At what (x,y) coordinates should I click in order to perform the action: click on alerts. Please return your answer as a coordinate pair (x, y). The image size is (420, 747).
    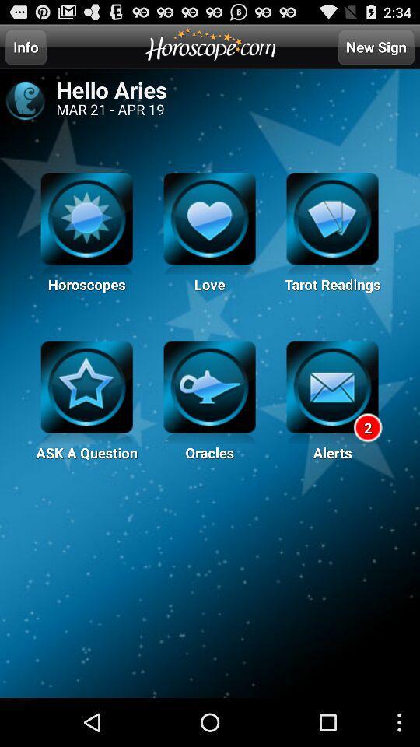
    Looking at the image, I should click on (331, 391).